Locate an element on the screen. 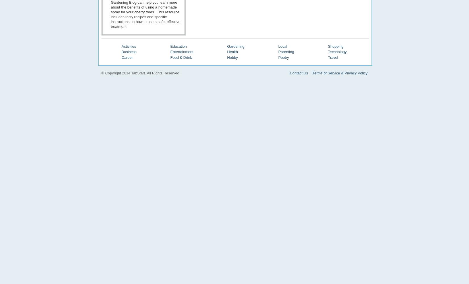  'Entertainment' is located at coordinates (181, 52).